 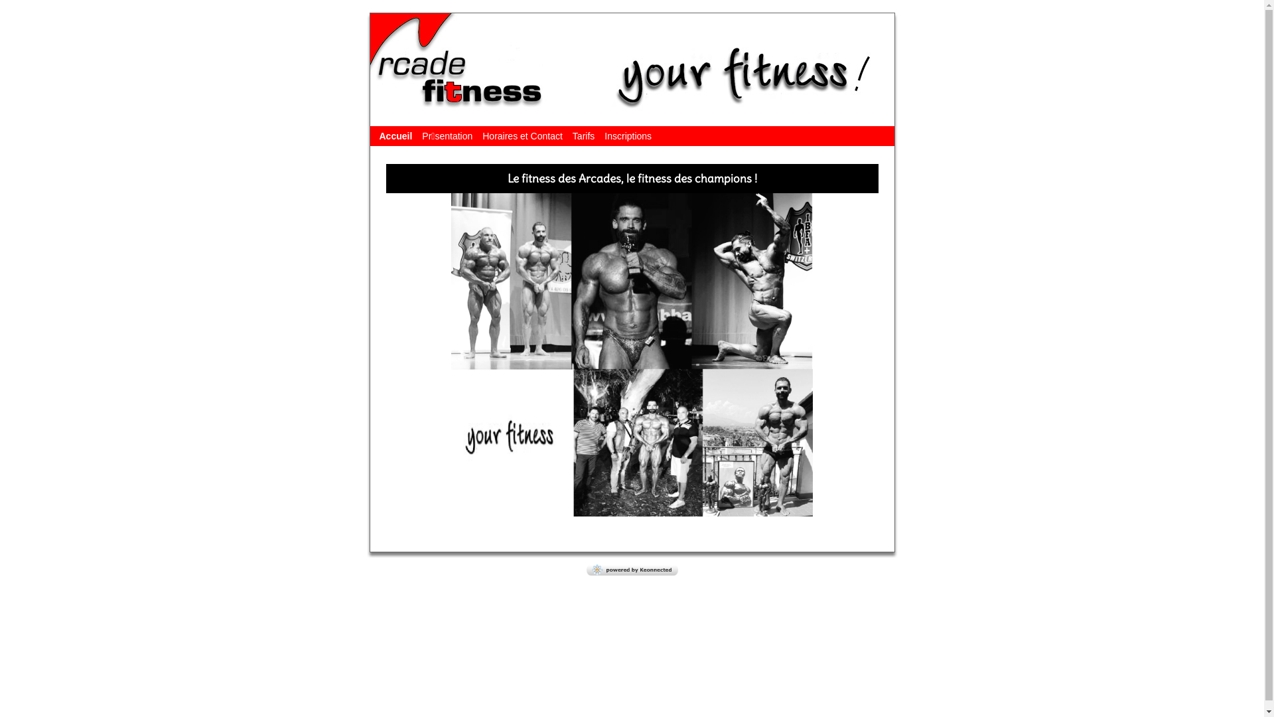 What do you see at coordinates (627, 135) in the screenshot?
I see `'Inscriptions'` at bounding box center [627, 135].